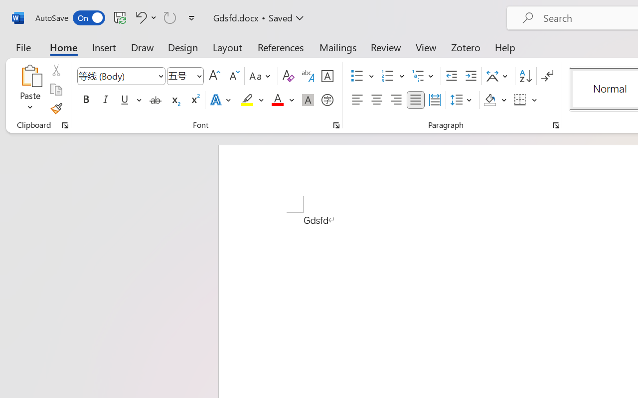 The image size is (638, 398). I want to click on 'Undo AutoCorrect', so click(144, 17).